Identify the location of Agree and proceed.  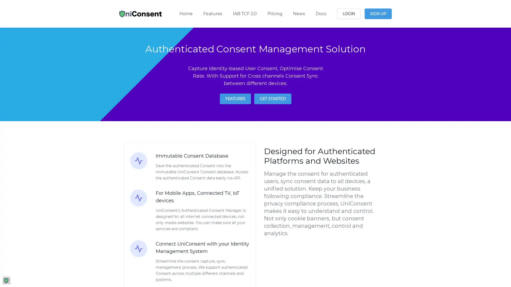
(121, 277).